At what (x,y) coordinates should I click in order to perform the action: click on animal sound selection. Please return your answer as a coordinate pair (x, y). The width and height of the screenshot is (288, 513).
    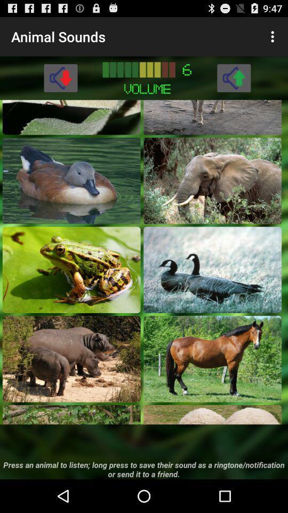
    Looking at the image, I should click on (212, 117).